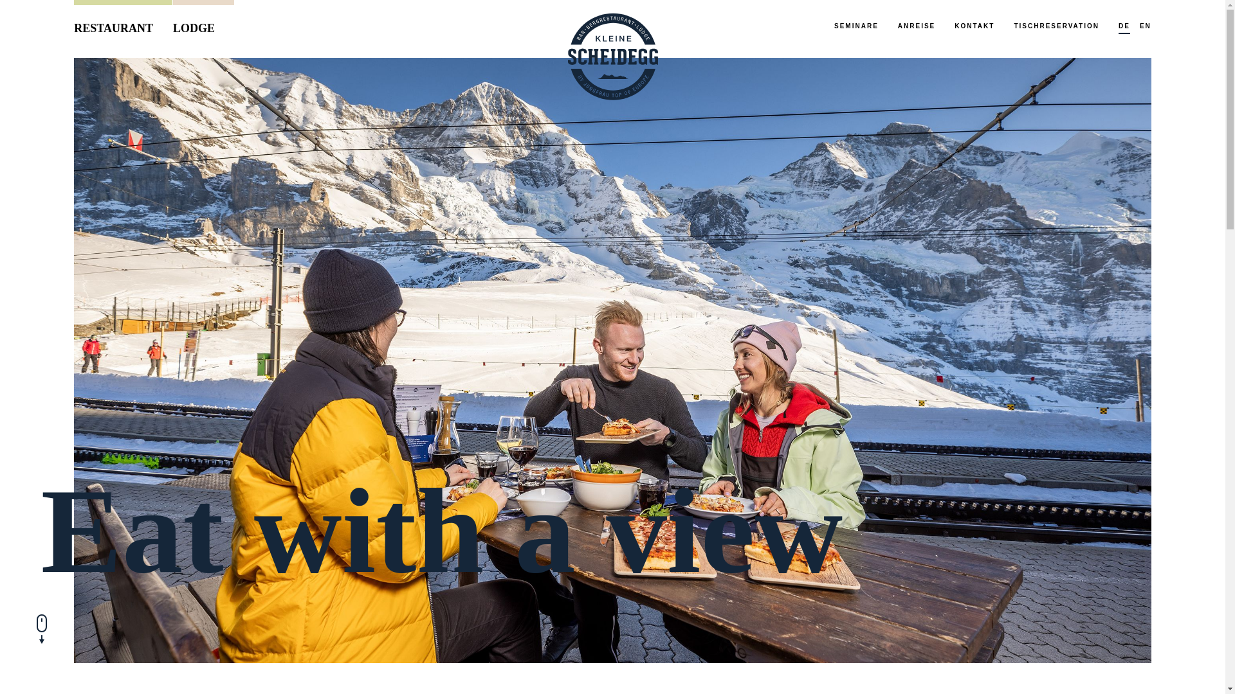 Image resolution: width=1235 pixels, height=694 pixels. What do you see at coordinates (974, 26) in the screenshot?
I see `'KONTAKT'` at bounding box center [974, 26].